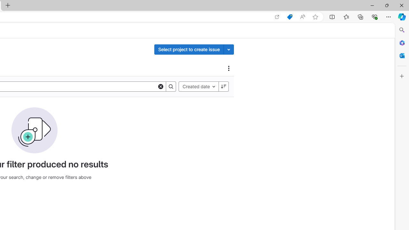  Describe the element at coordinates (223, 86) in the screenshot. I see `'Sort direction: Descending'` at that location.